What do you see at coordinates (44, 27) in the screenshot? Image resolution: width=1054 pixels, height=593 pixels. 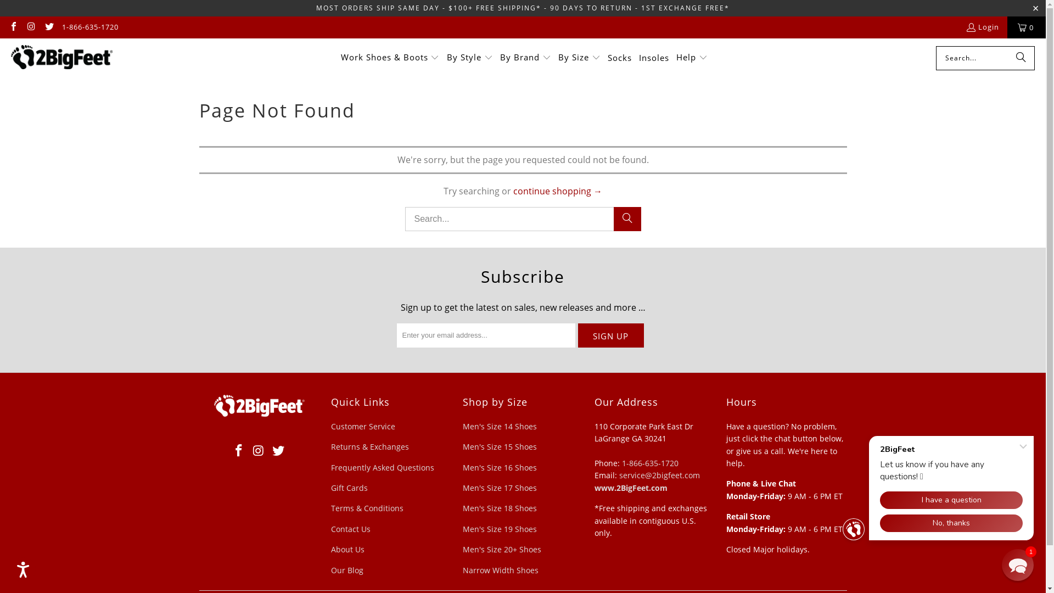 I see `'2BigFeet on Twitter'` at bounding box center [44, 27].